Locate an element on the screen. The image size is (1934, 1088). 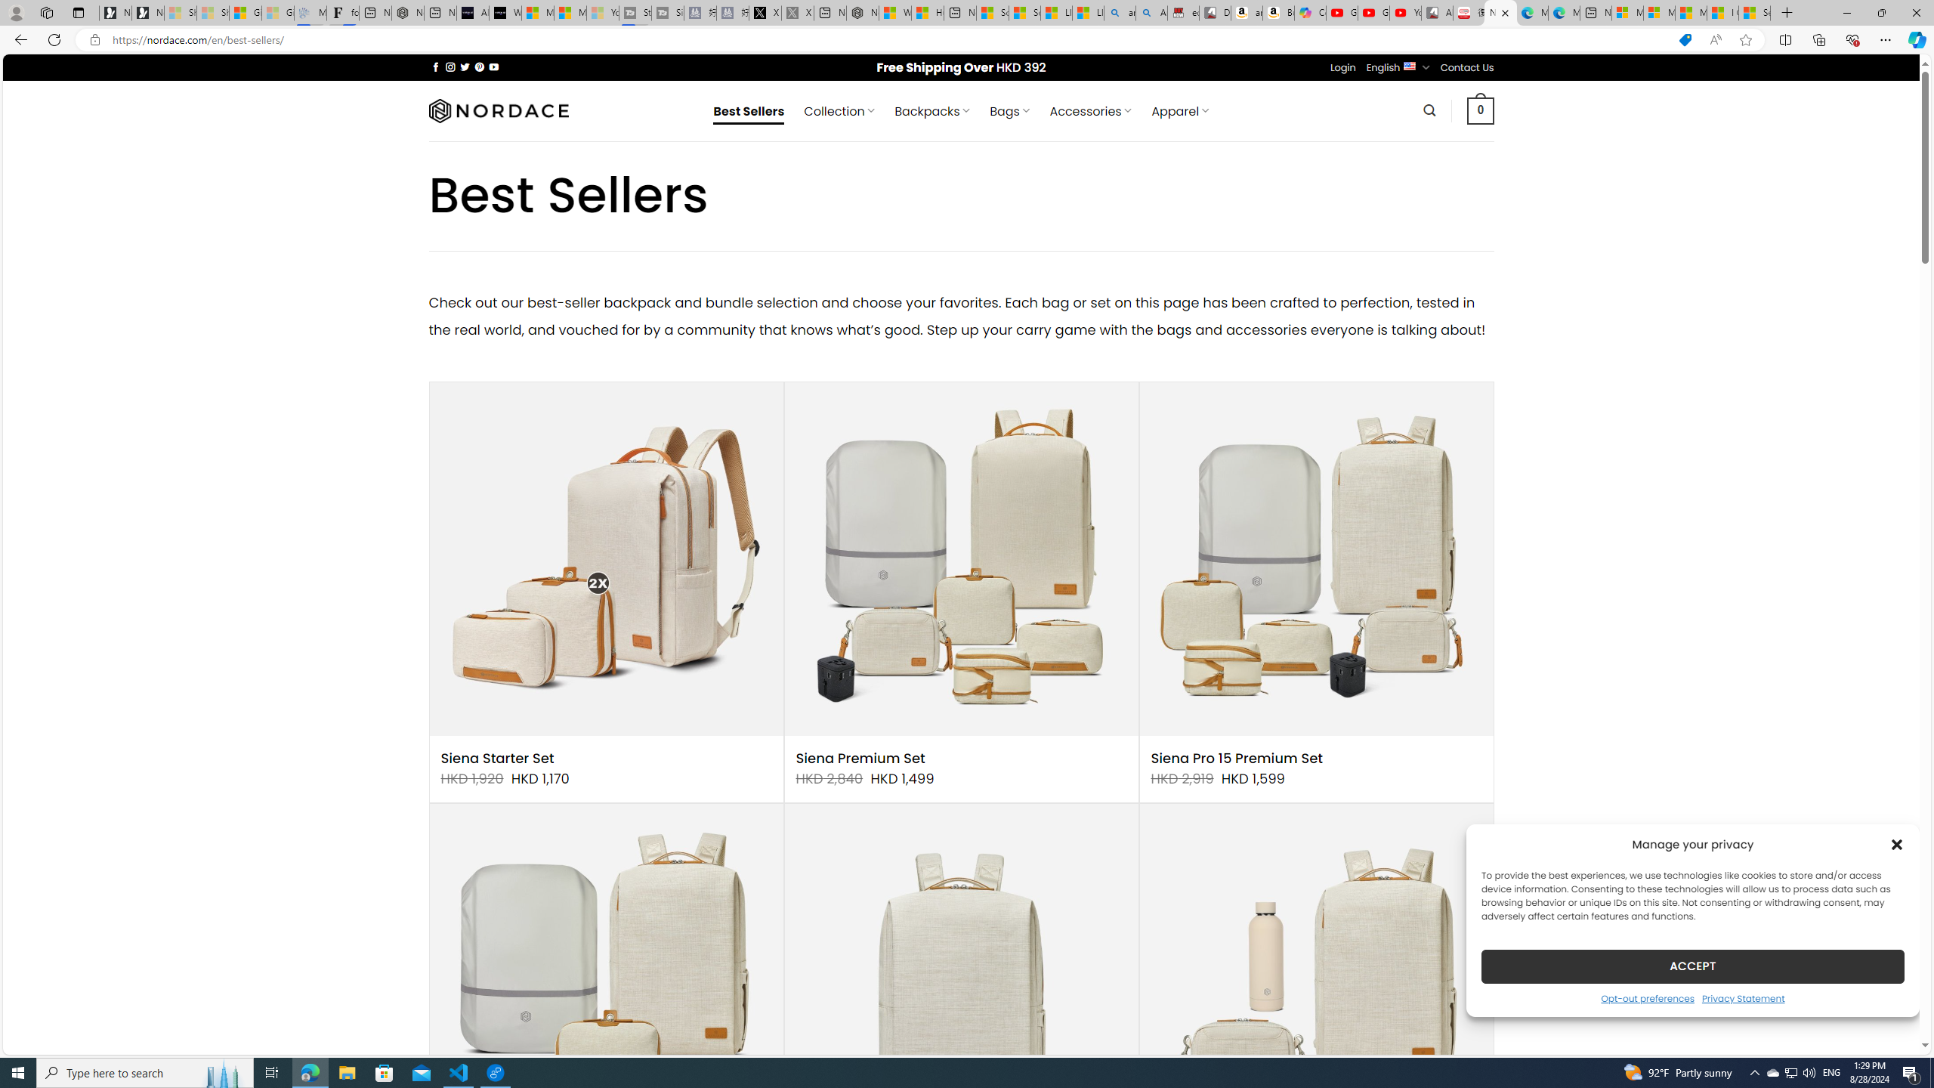
'I Gained 20 Pounds of Muscle in 30 Days! | Watch' is located at coordinates (1721, 12).